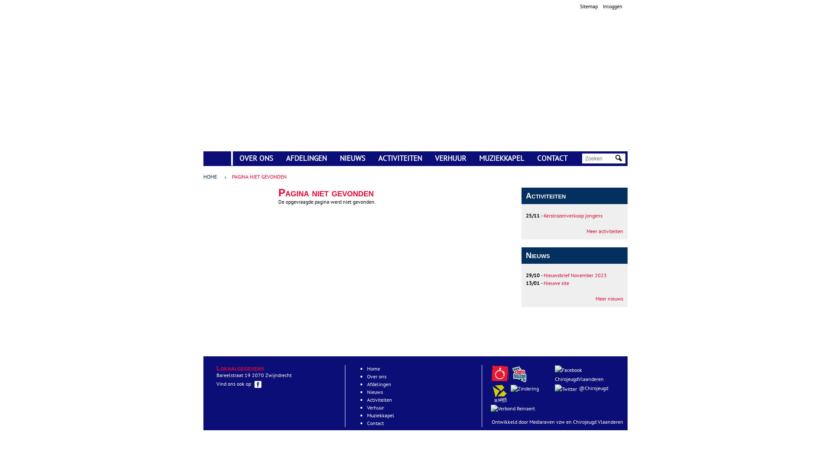 This screenshot has width=831, height=467. What do you see at coordinates (612, 6) in the screenshot?
I see `'Inloggen'` at bounding box center [612, 6].